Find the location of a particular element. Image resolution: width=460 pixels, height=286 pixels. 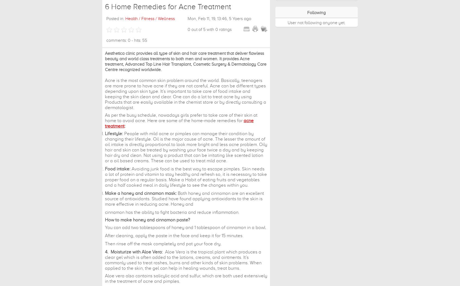

'cinnamon has the ability to fight bacteria and reduce inflammation.' is located at coordinates (172, 212).